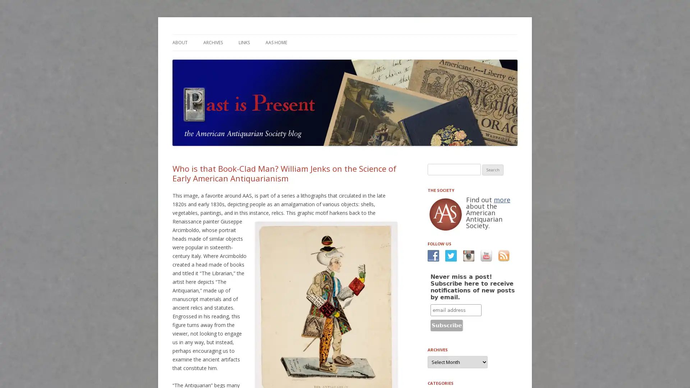 The image size is (690, 388). I want to click on Search, so click(492, 170).